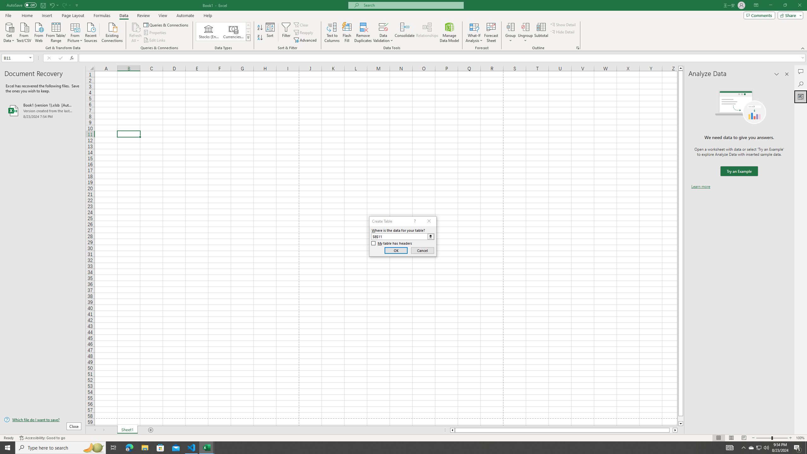 This screenshot has height=454, width=807. I want to click on 'From Table/Range', so click(55, 32).